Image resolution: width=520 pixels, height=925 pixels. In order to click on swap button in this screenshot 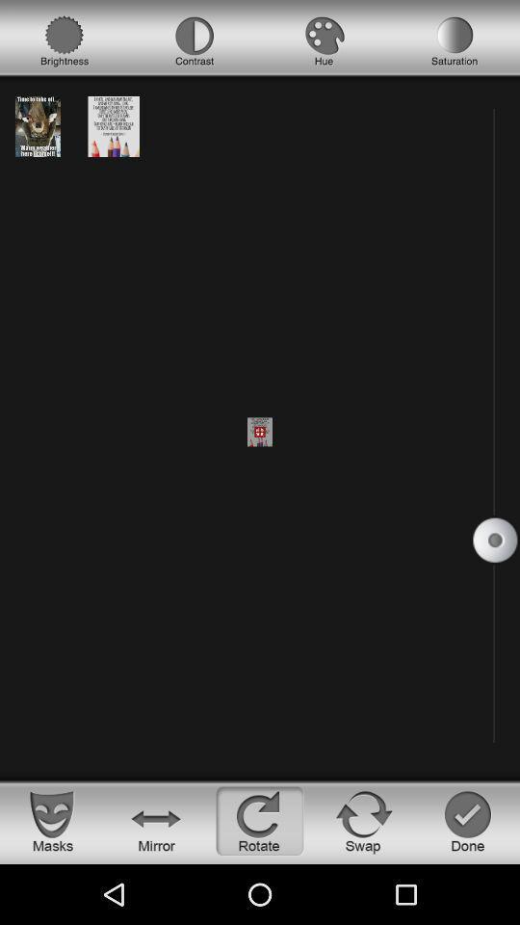, I will do `click(364, 820)`.